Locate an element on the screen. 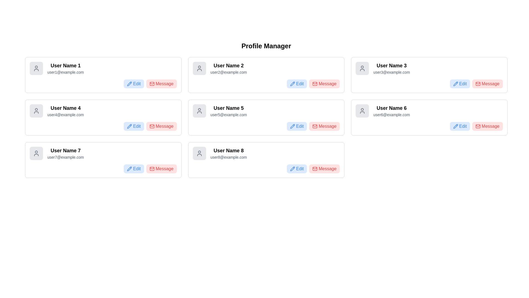 The height and width of the screenshot is (298, 529). the user profile icon representing 'User Name 4' in the second card of the first column is located at coordinates (36, 111).